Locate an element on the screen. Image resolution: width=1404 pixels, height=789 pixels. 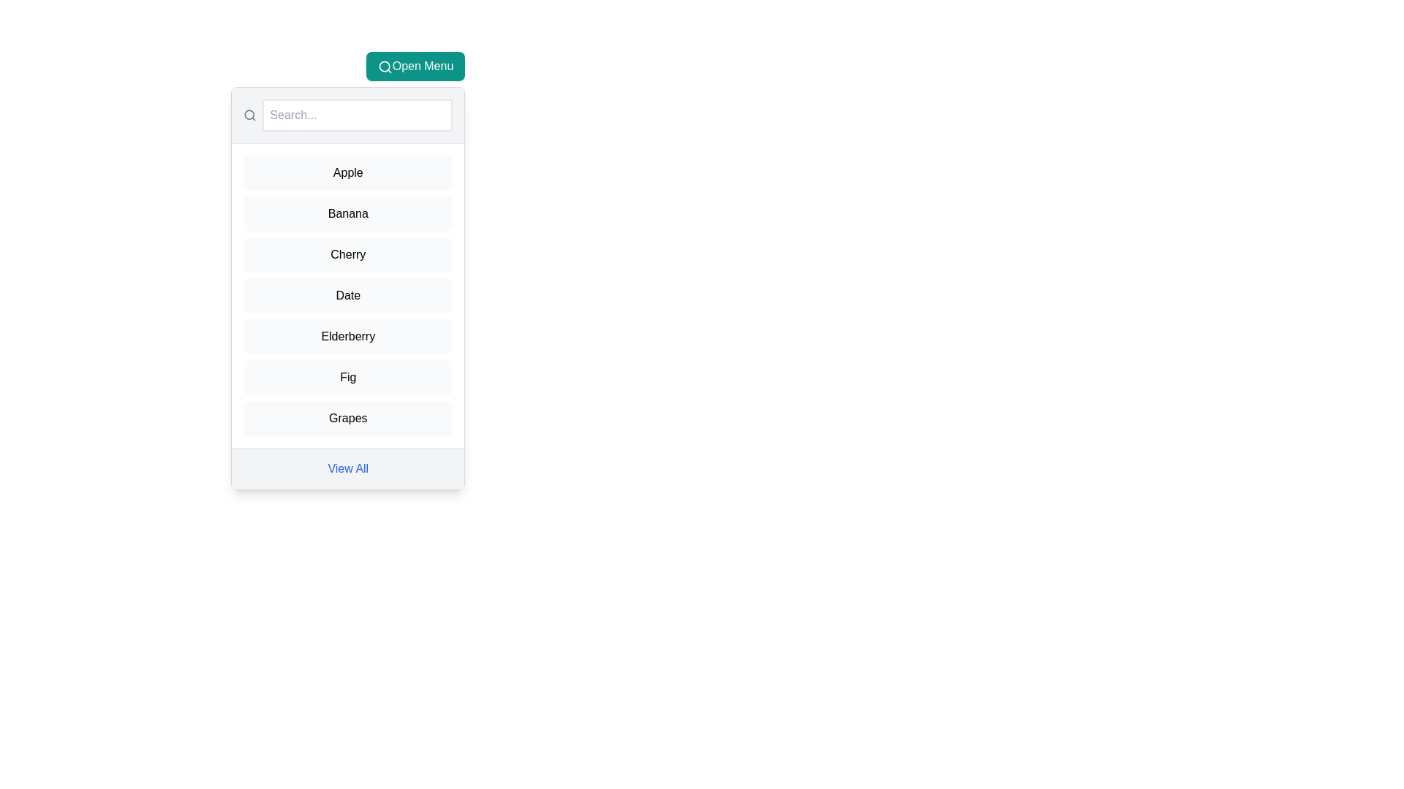
the central circle of the magnifying glass icon, which indicates search functionality, located to the left of the search input bar at the top of the dropdown menu is located at coordinates (384, 66).